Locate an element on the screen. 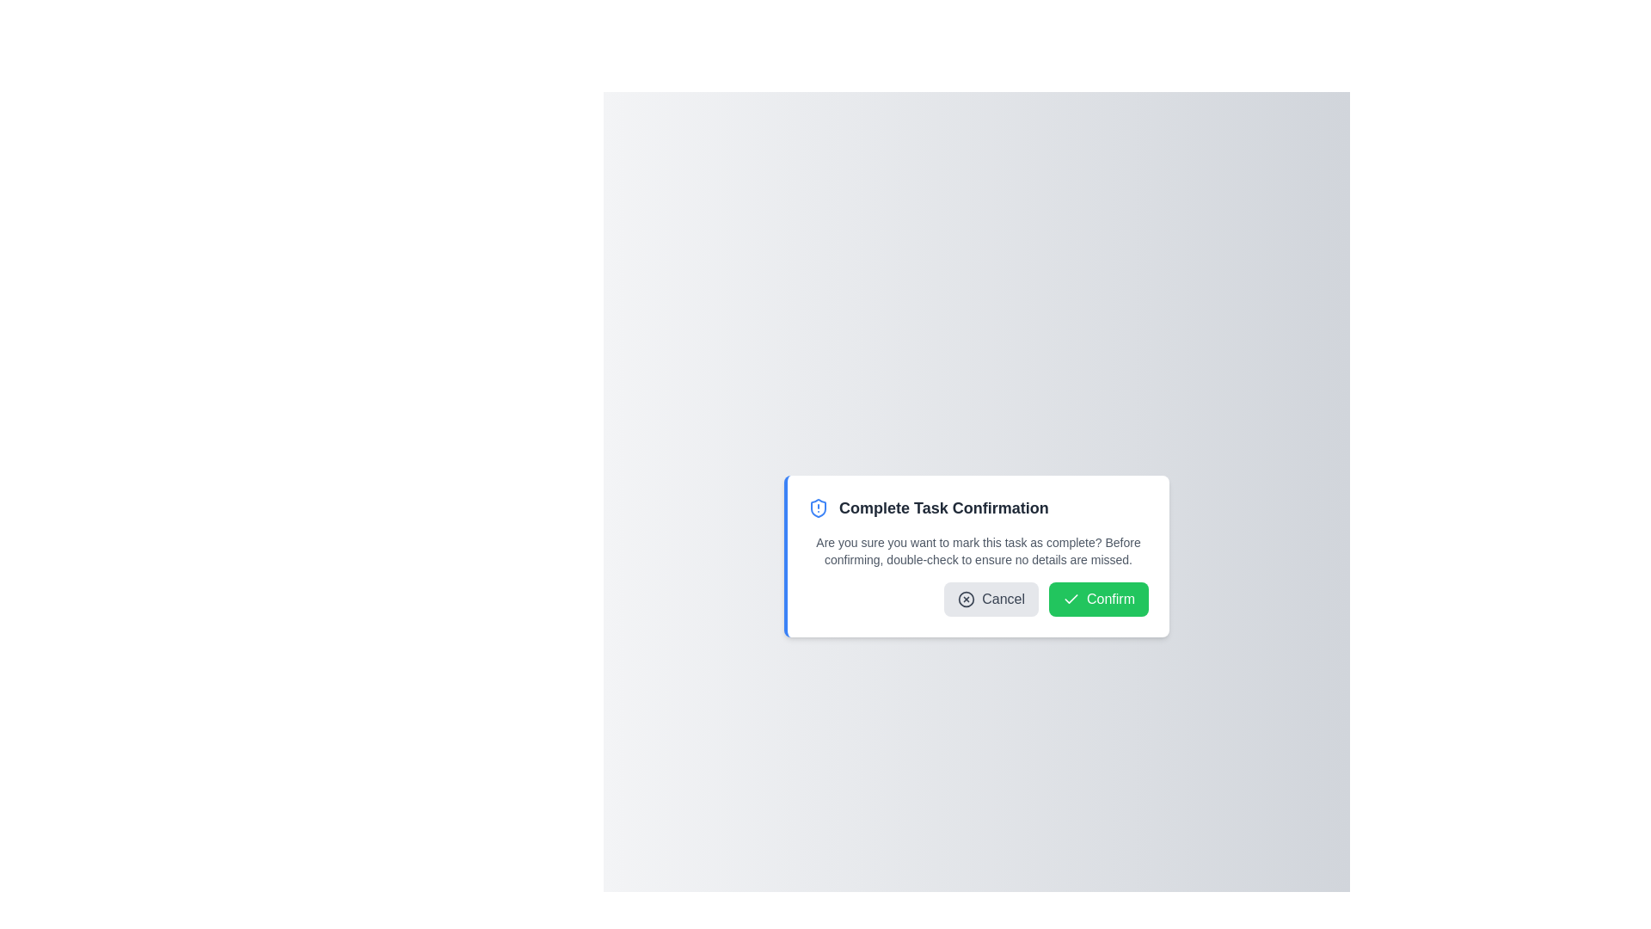 The height and width of the screenshot is (929, 1651). the checkmark icon located within the green confirm button at the bottom-right corner of the confirmation dialog box is located at coordinates (1070, 598).